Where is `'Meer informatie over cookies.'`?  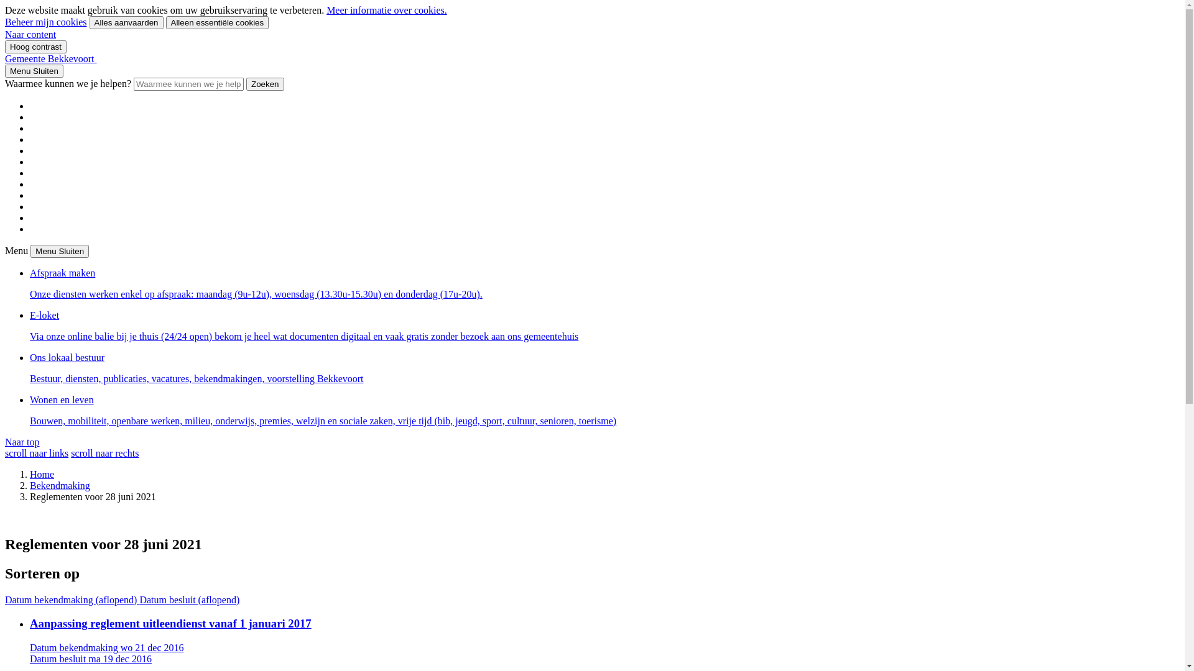
'Meer informatie over cookies.' is located at coordinates (386, 10).